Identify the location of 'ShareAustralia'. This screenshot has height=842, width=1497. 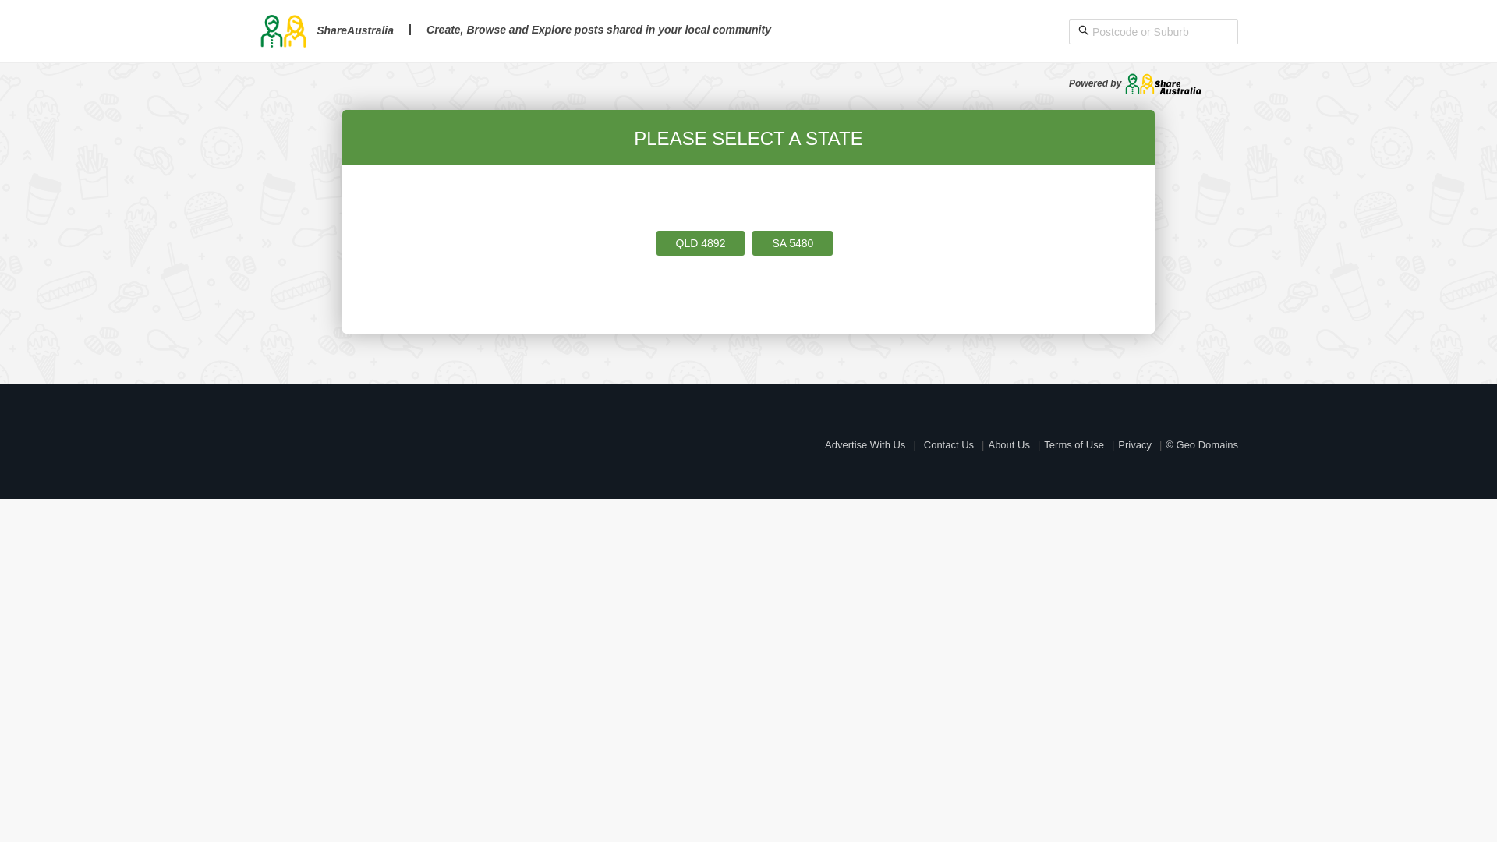
(258, 30).